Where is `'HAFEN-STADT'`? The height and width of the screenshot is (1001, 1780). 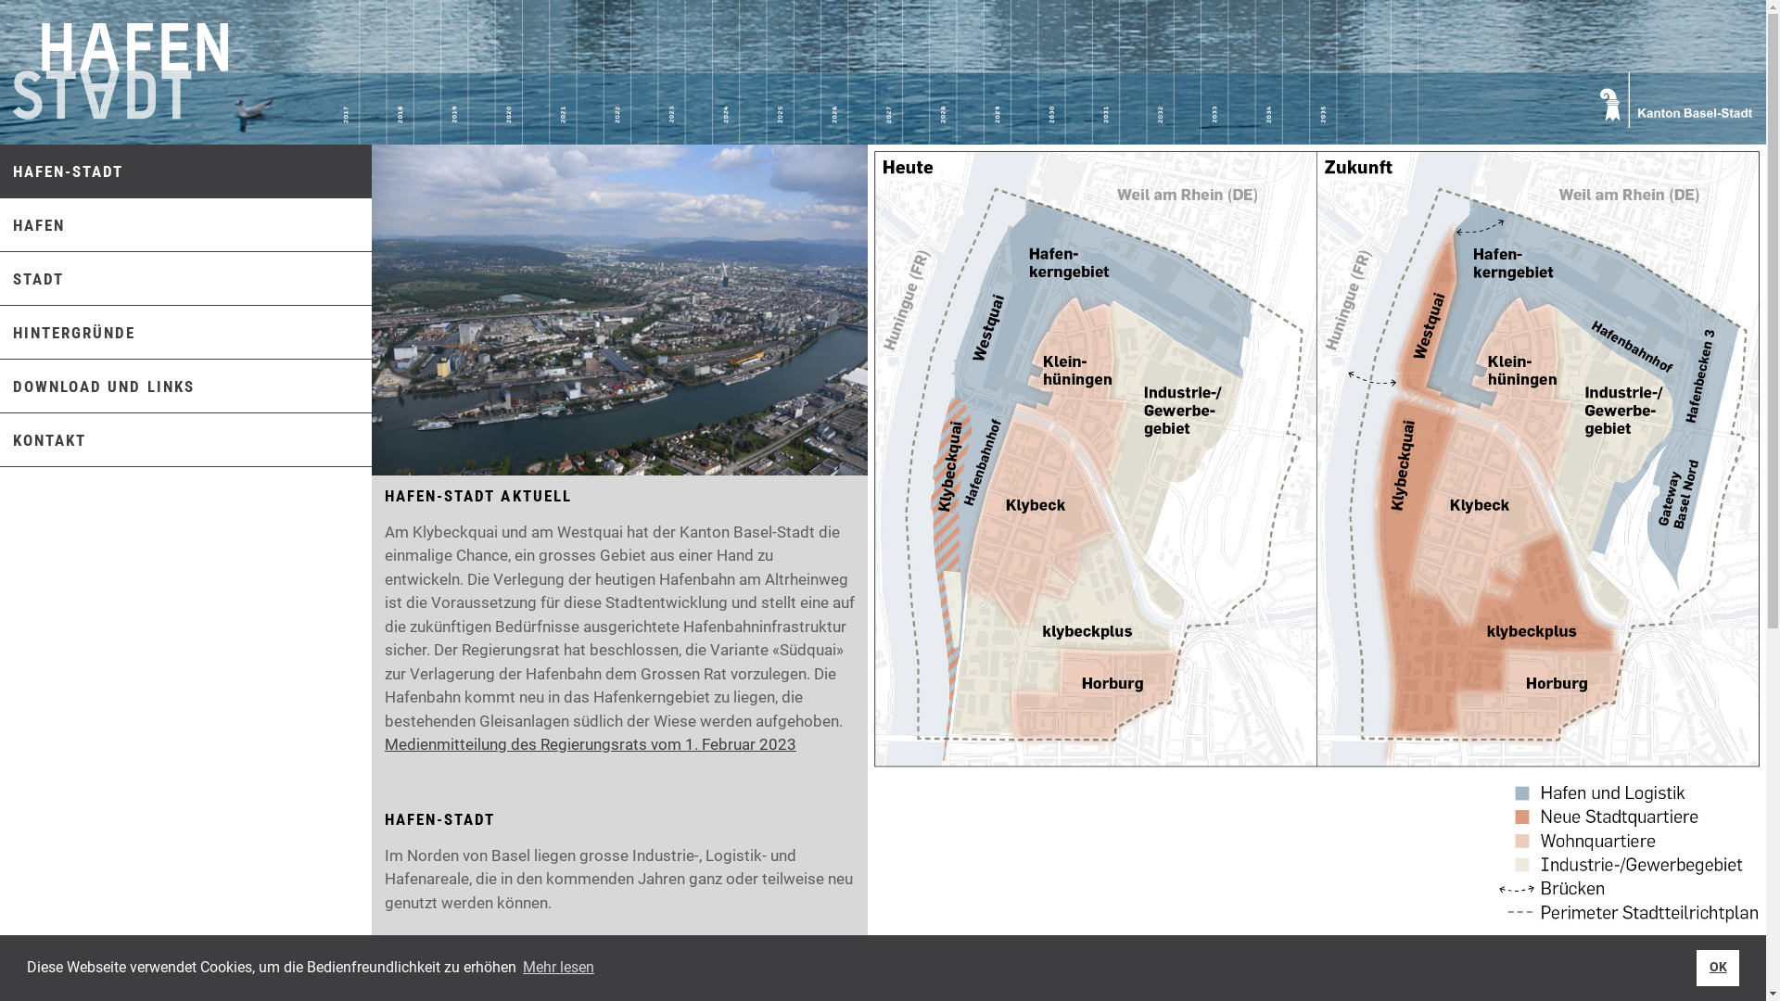 'HAFEN-STADT' is located at coordinates (61, 171).